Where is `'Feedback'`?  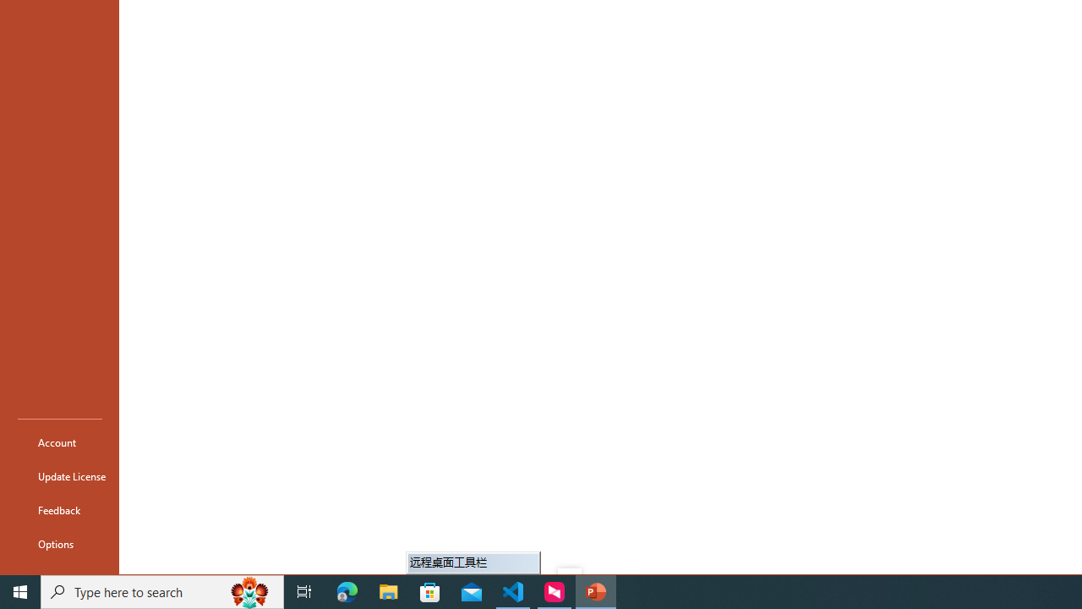 'Feedback' is located at coordinates (60, 509).